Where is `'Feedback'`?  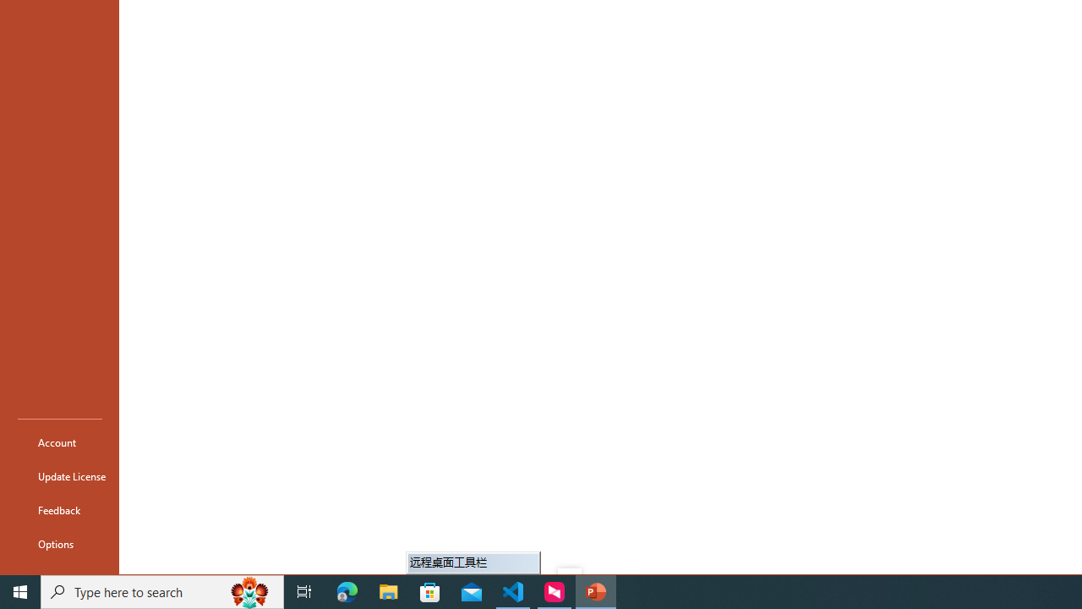 'Feedback' is located at coordinates (60, 509).